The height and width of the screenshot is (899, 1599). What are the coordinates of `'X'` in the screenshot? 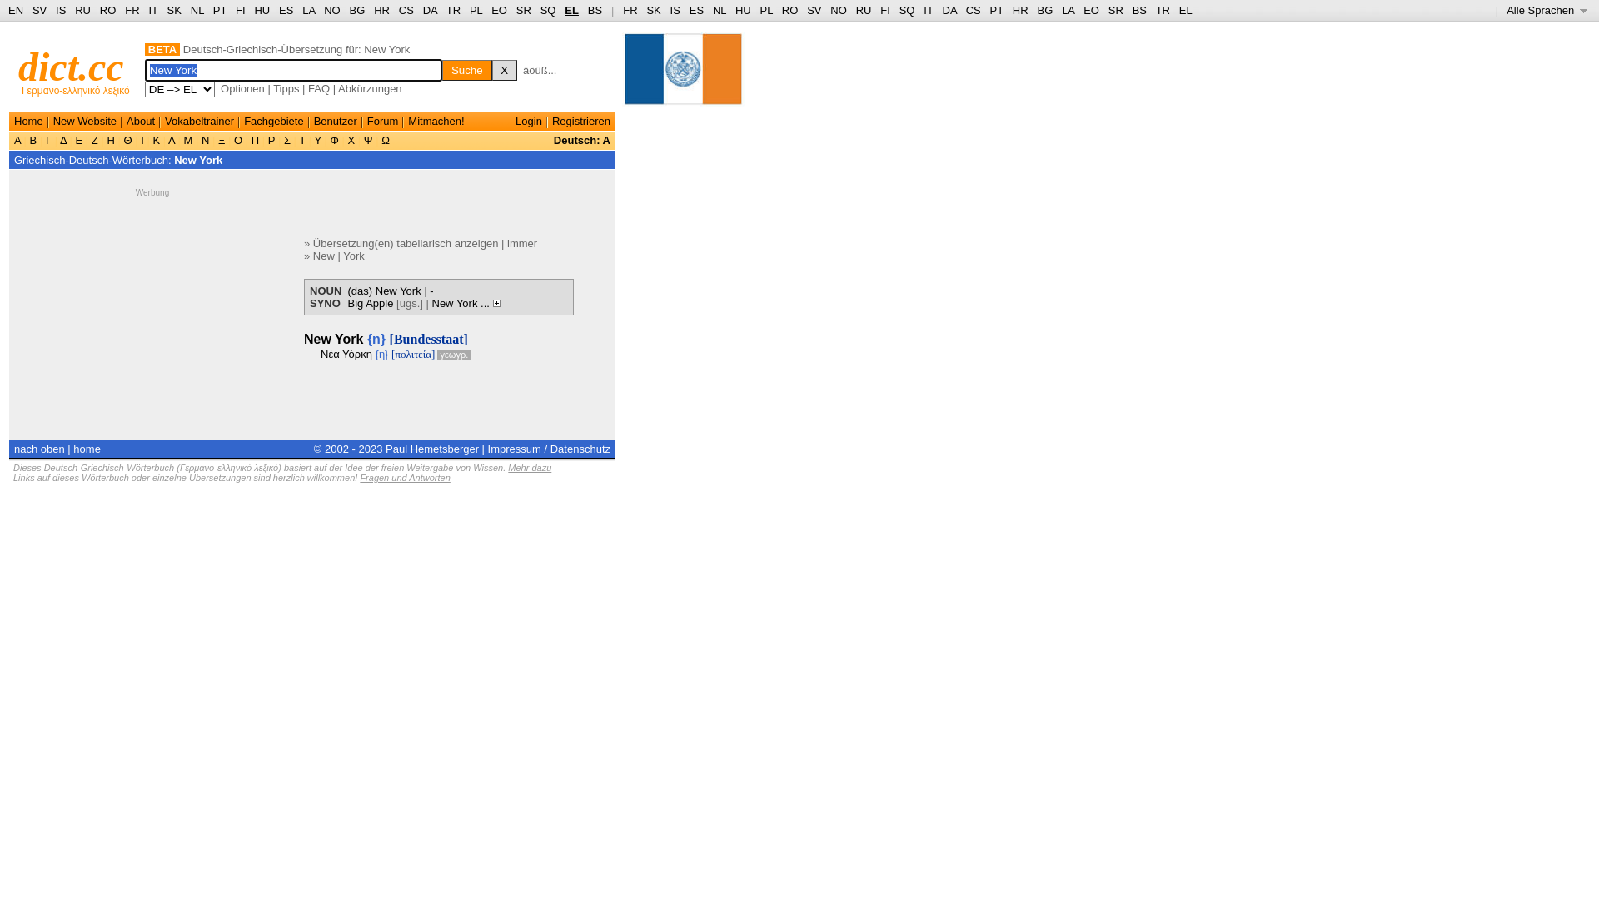 It's located at (491, 69).